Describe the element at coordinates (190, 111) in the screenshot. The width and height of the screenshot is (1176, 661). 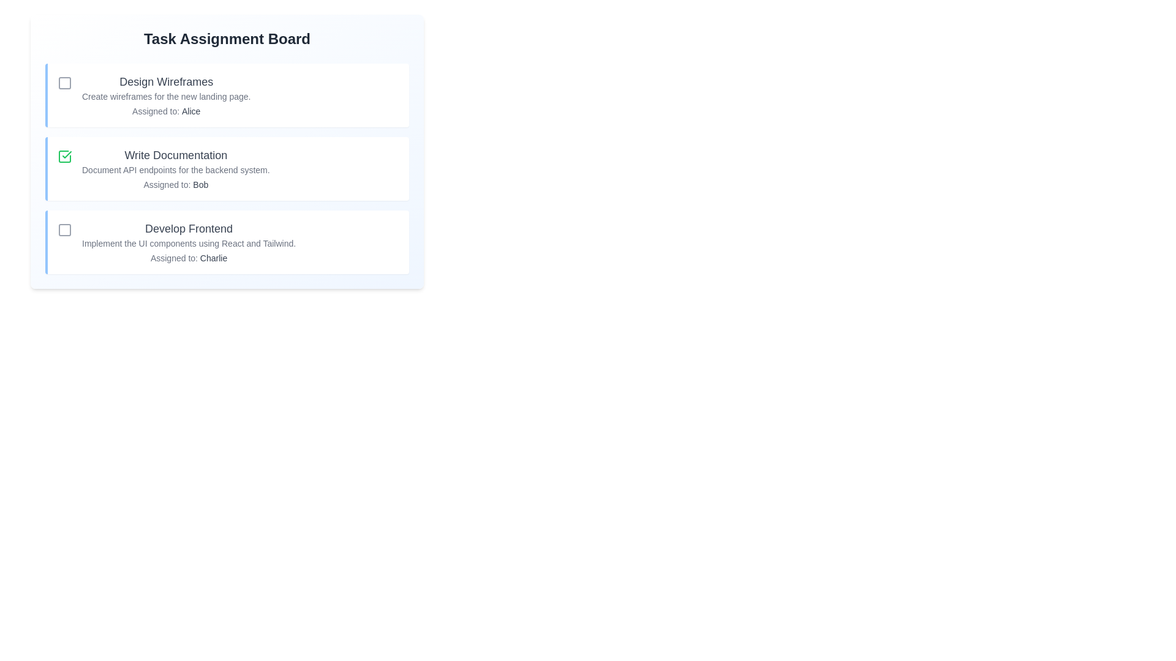
I see `the text label indicating the assignee's name 'Alice' for the task 'Design Wireframes'` at that location.